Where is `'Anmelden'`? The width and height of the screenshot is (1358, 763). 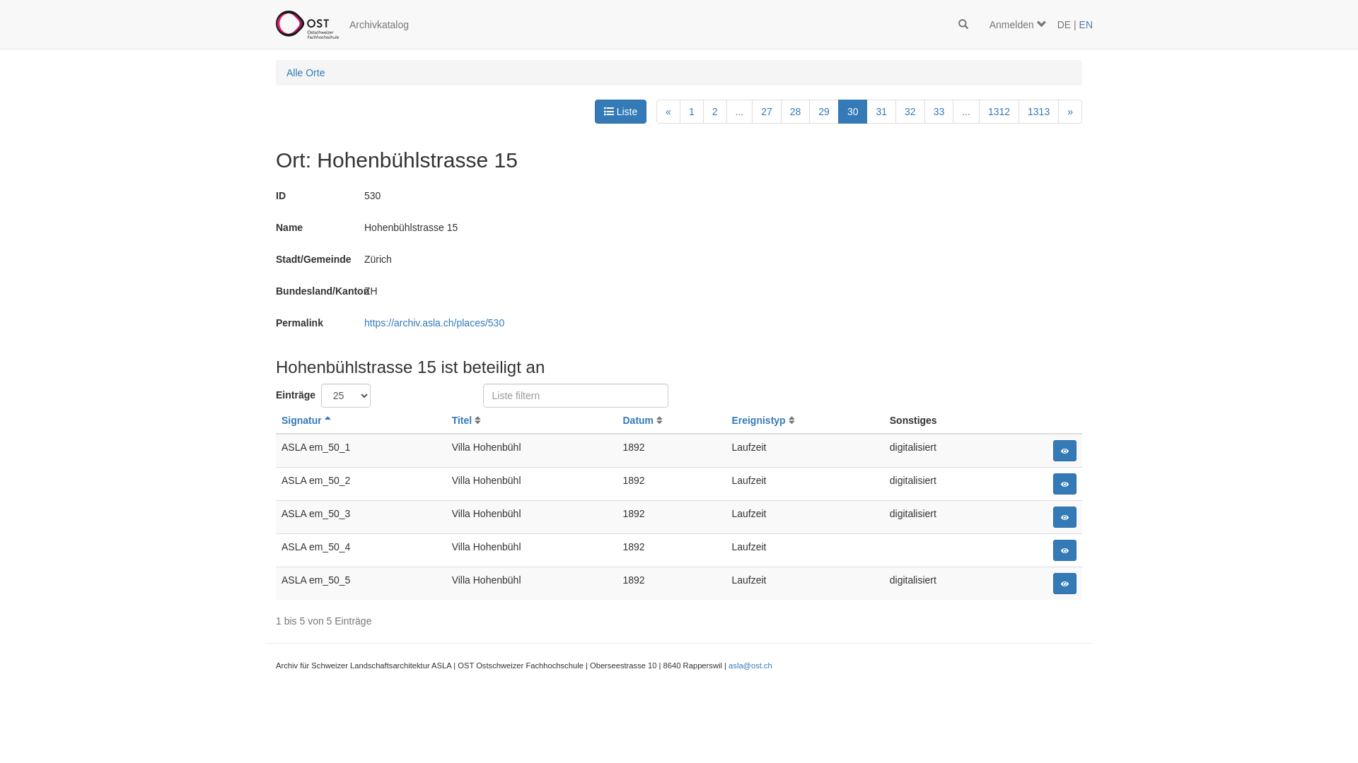
'Anmelden' is located at coordinates (1017, 24).